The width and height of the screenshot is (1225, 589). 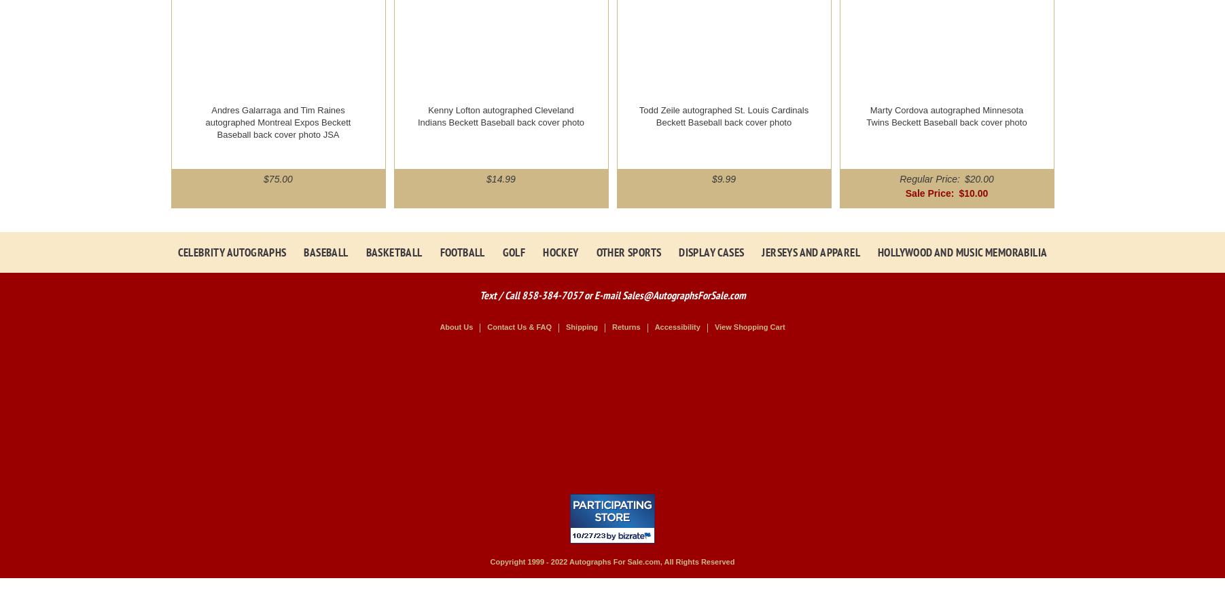 What do you see at coordinates (866, 116) in the screenshot?
I see `'Marty Cordova autographed Minnesota Twins Beckett Baseball back cover photo'` at bounding box center [866, 116].